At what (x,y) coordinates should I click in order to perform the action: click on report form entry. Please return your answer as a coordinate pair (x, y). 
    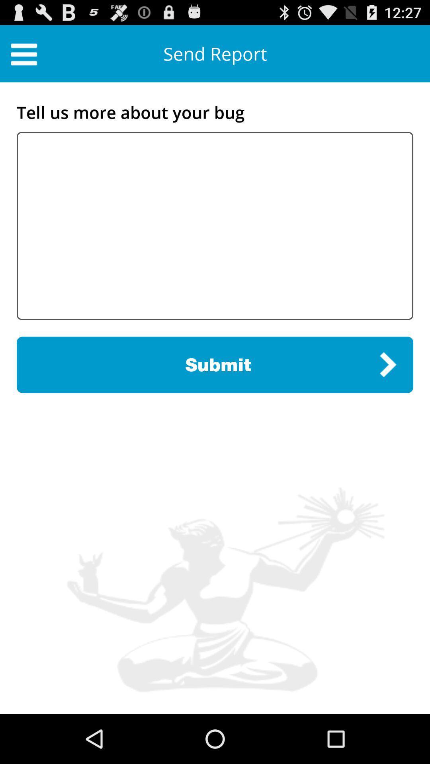
    Looking at the image, I should click on (215, 225).